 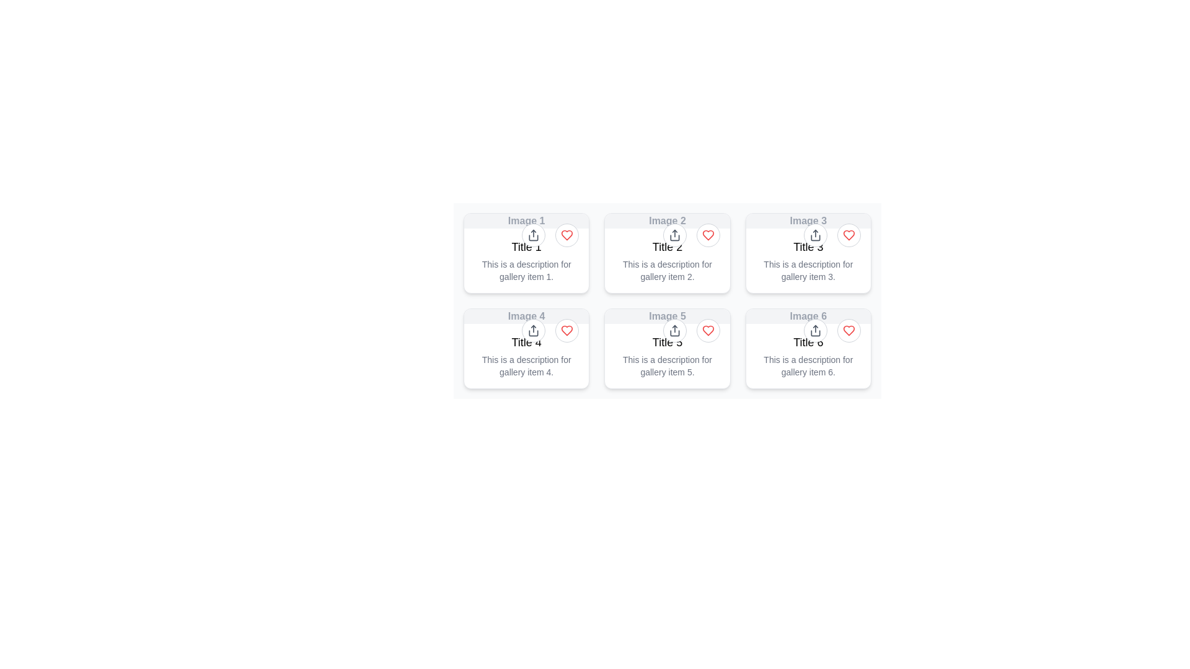 I want to click on the circular button with a light gray border and red heart icon located in the upper right corner of the card labeled 'Image 2 Title 2', so click(x=708, y=235).